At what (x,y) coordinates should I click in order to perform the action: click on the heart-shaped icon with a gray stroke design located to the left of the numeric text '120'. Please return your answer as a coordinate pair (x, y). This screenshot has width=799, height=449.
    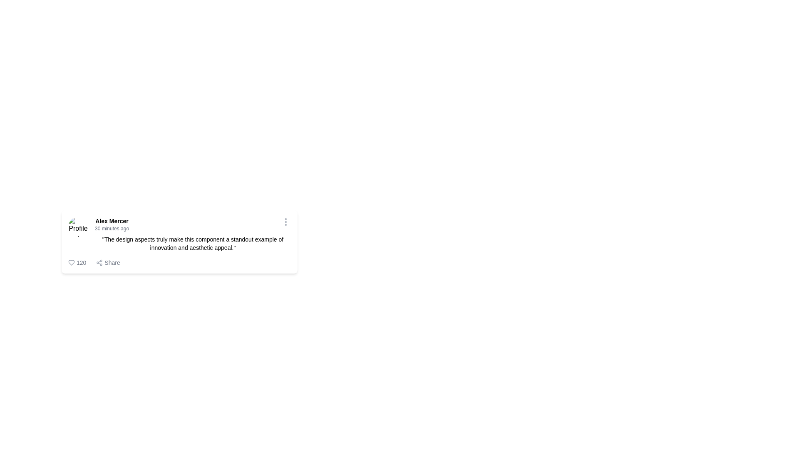
    Looking at the image, I should click on (72, 263).